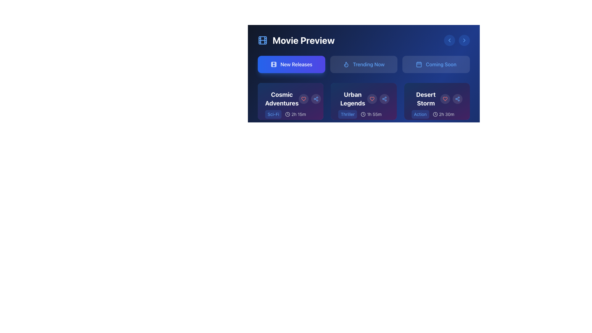  I want to click on the share icon of the 'Desert Storm' Information Card, which is the rightmost card in the New Releases section, so click(437, 101).